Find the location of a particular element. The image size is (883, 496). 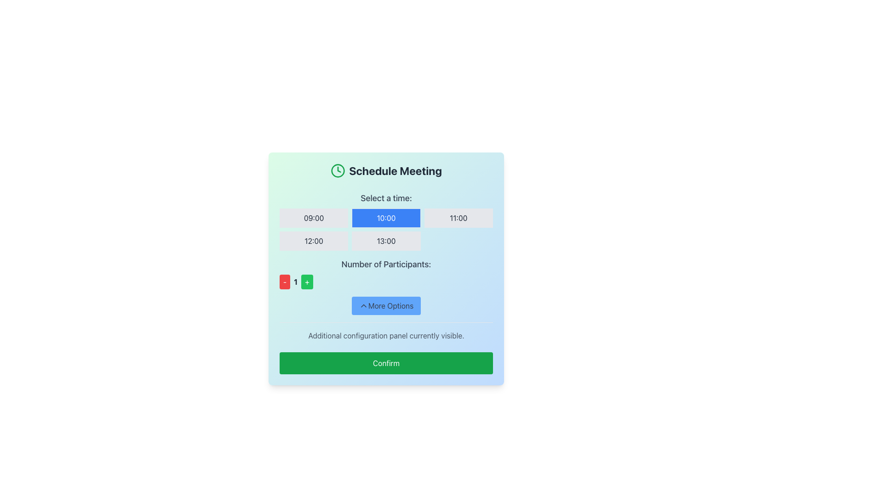

the '10:00' button located in the top row of the grid under the header 'Select a time:' is located at coordinates (386, 229).